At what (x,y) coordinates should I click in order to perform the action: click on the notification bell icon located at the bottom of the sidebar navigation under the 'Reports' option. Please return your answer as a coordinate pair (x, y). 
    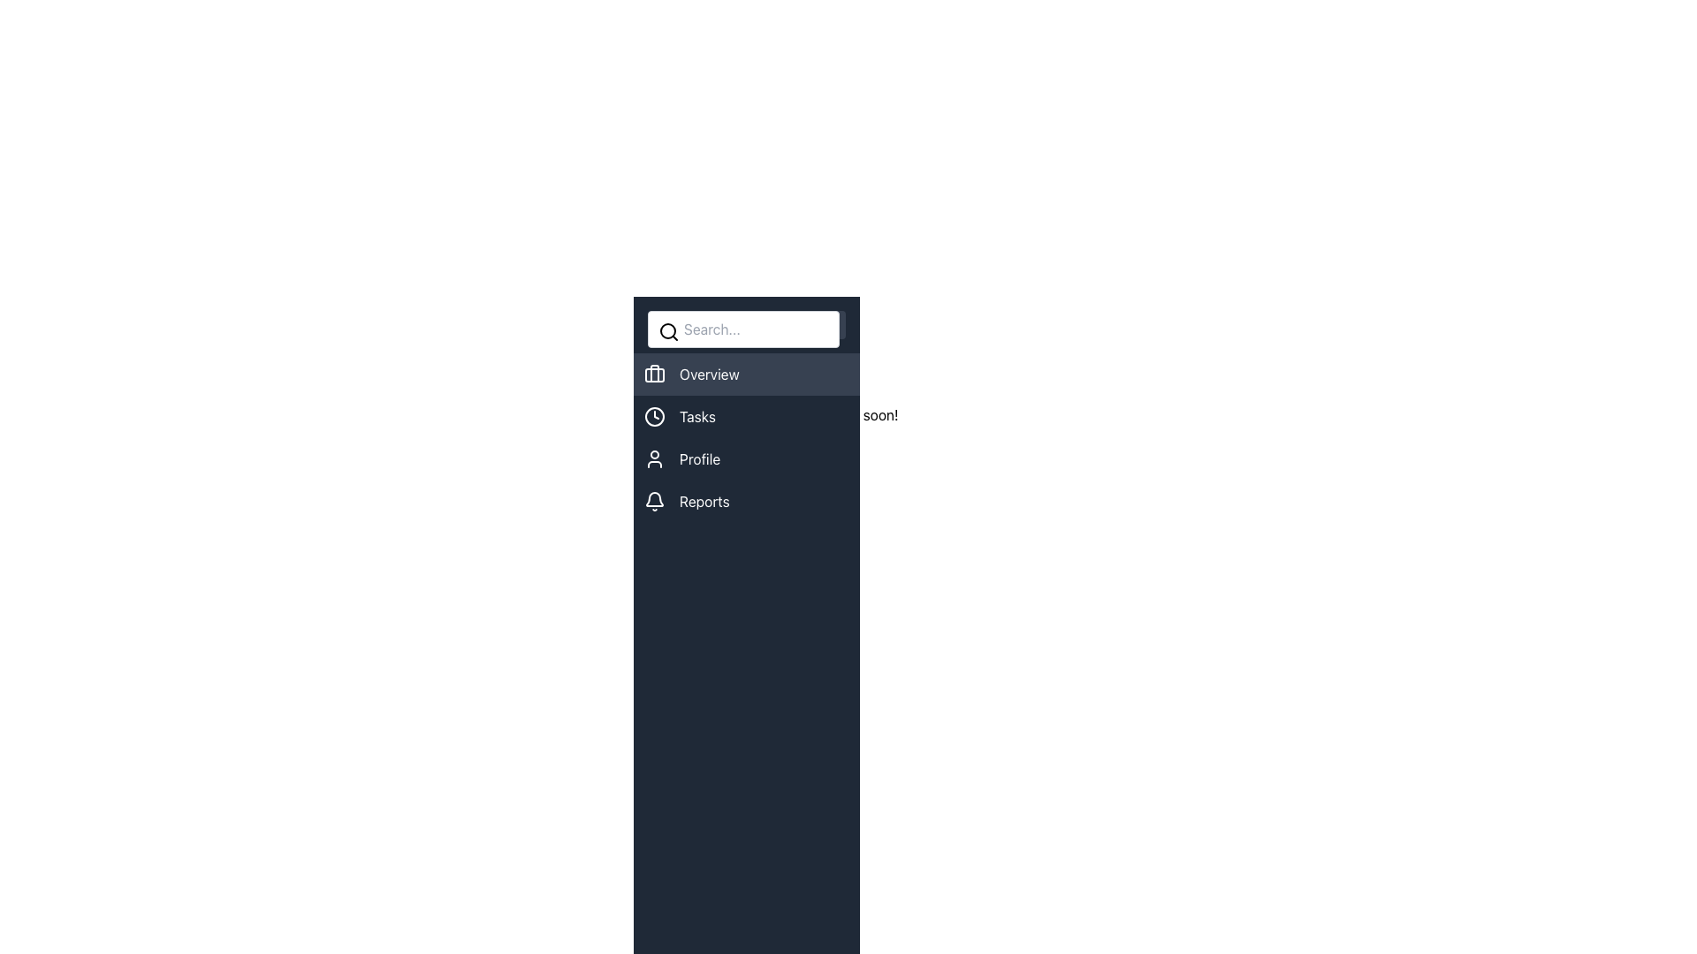
    Looking at the image, I should click on (653, 499).